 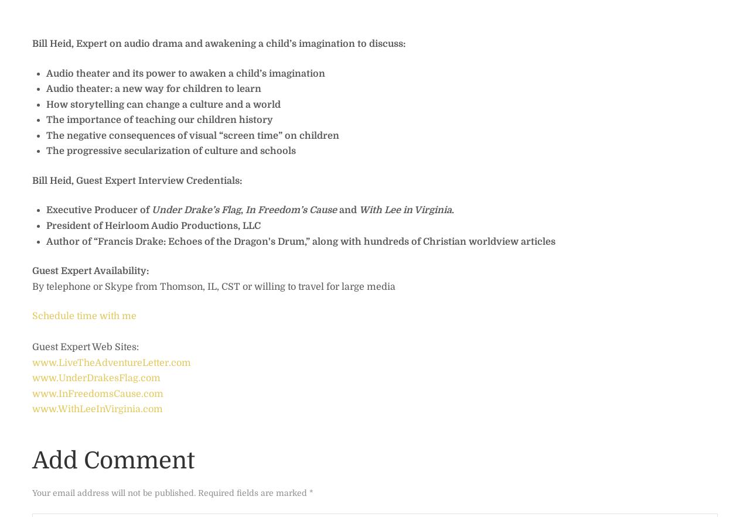 I want to click on 'Add Comment', so click(x=32, y=459).